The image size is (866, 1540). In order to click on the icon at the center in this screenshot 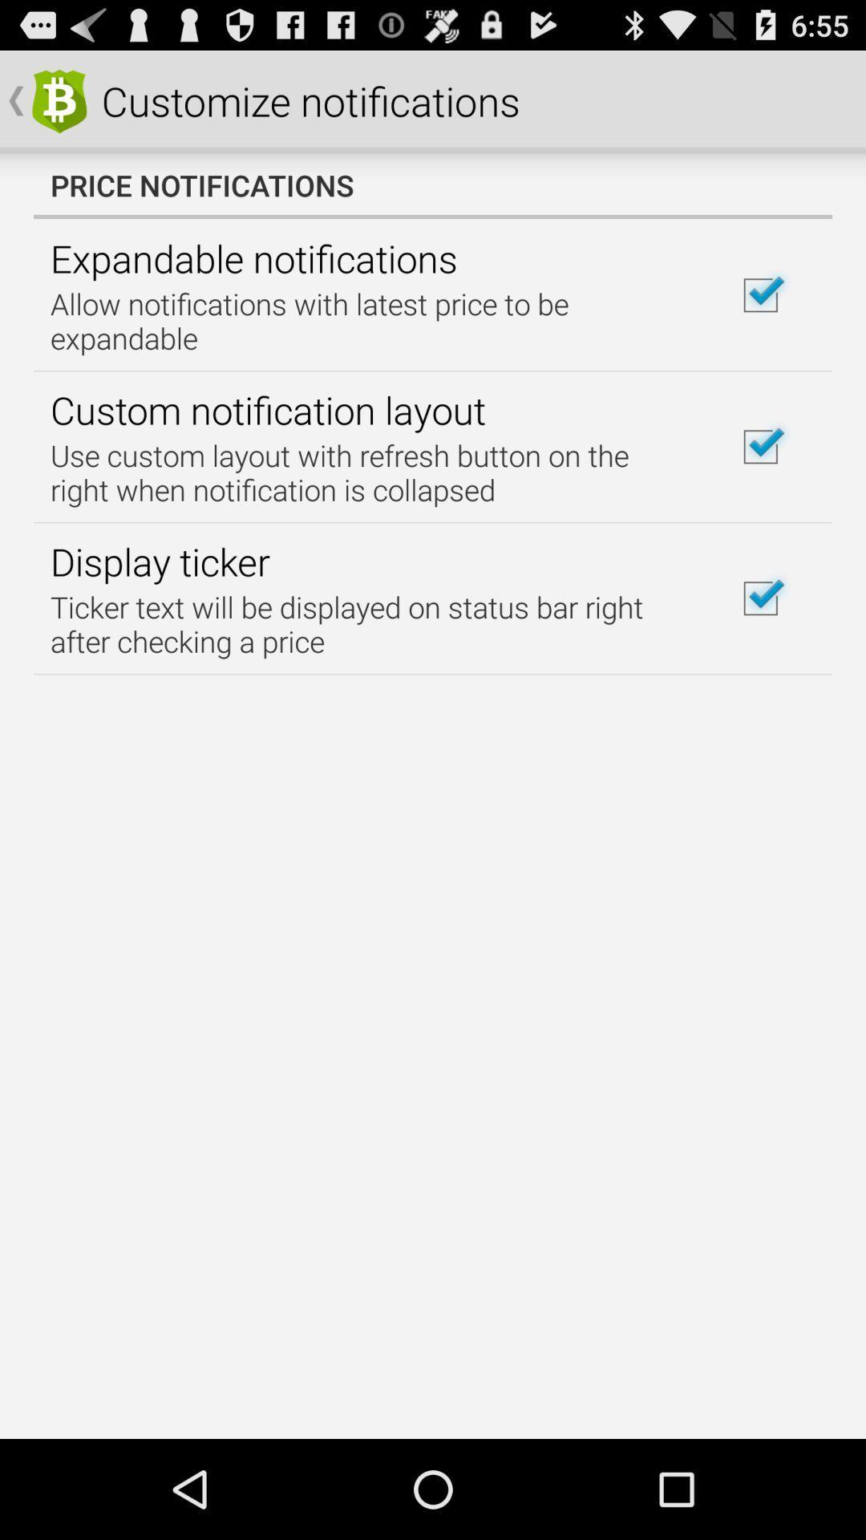, I will do `click(371, 623)`.